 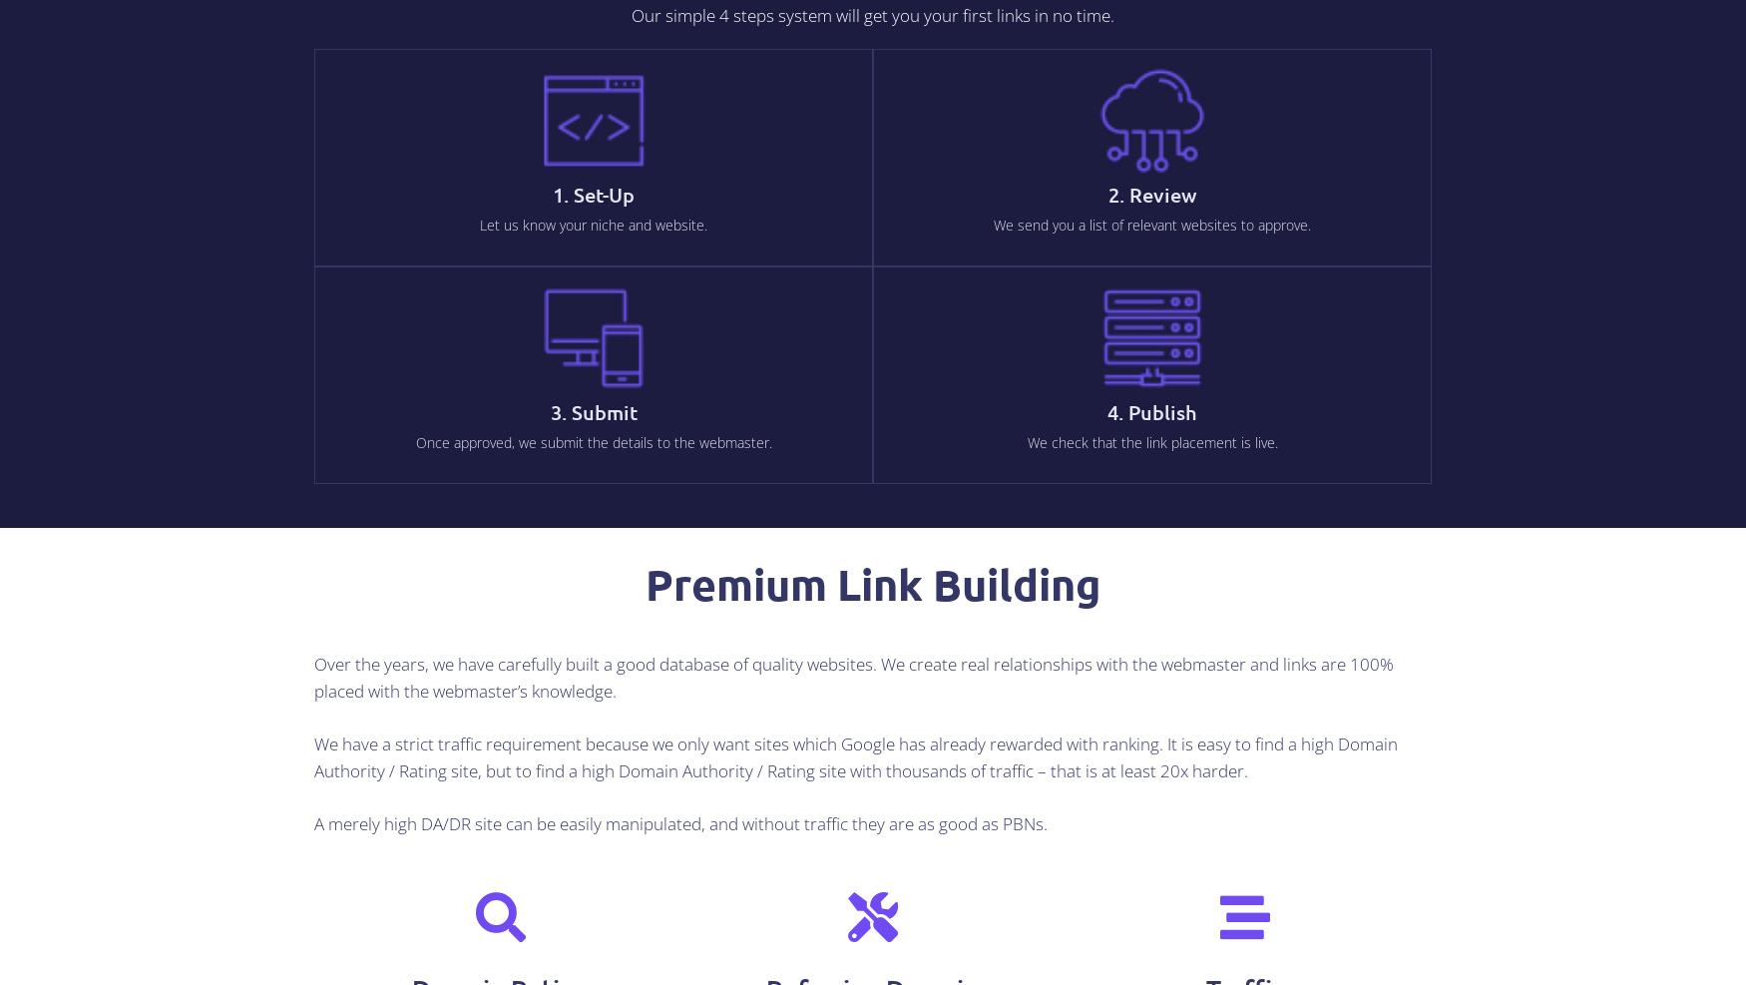 What do you see at coordinates (853, 677) in the screenshot?
I see `'Over the years, we have carefully built a good database of quality websites. We create real relationships with the webmaster and links are 100% placed with the webmaster’s knowledge.'` at bounding box center [853, 677].